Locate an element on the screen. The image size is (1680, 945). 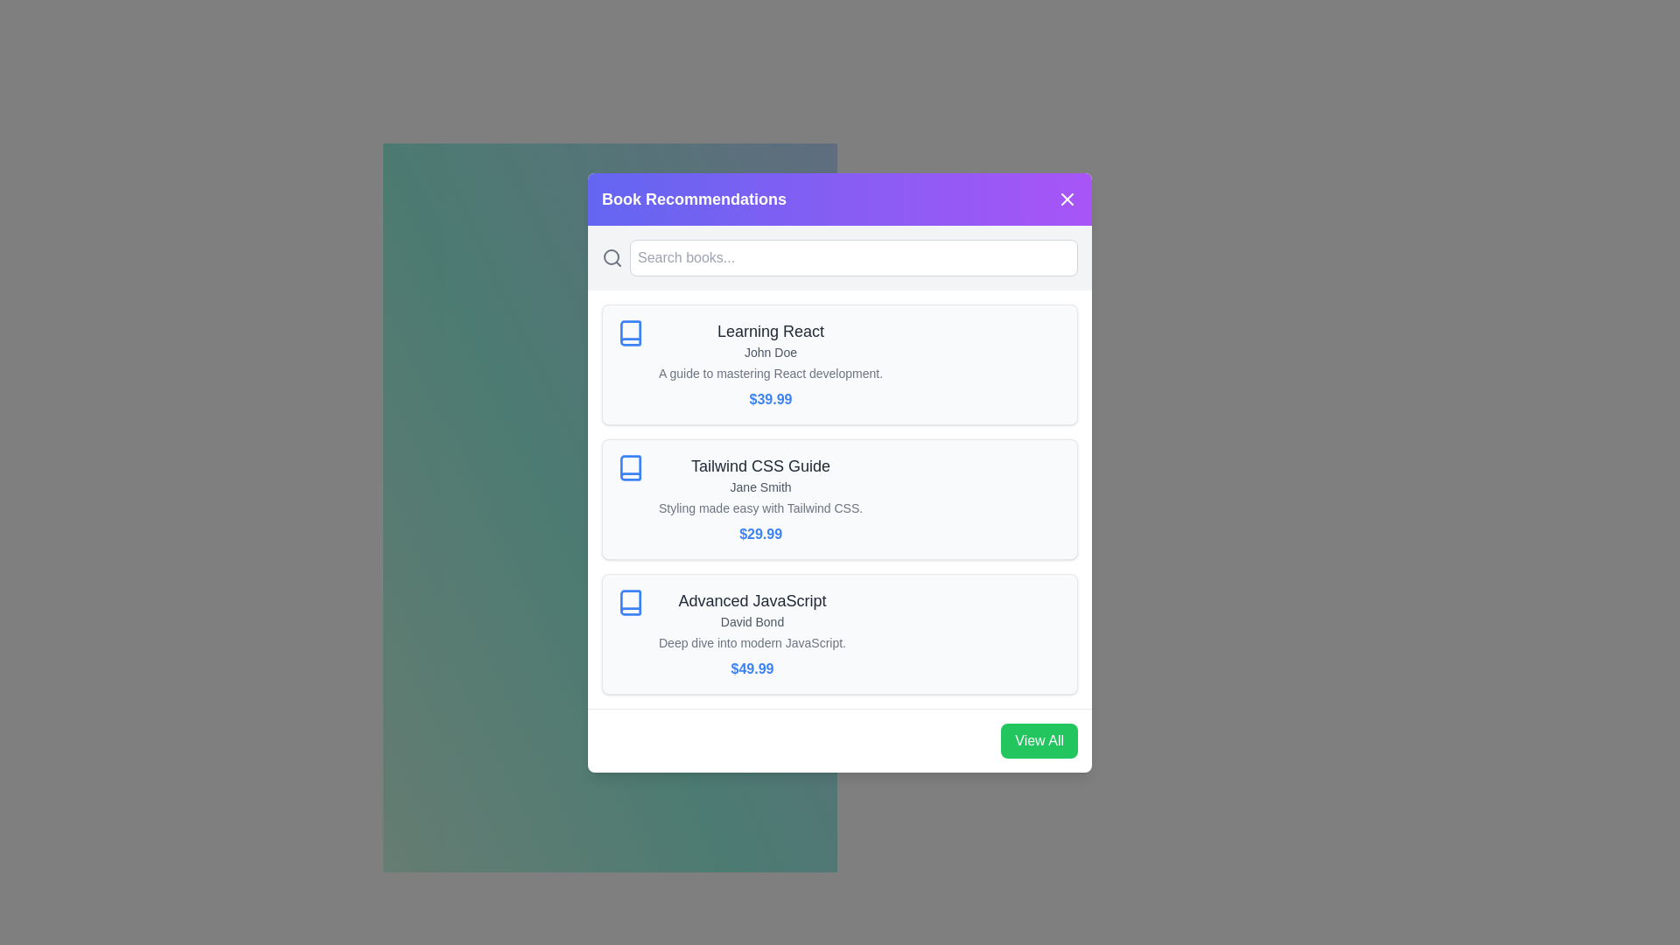
the Close button icon located at the top-right corner of the purple gradient header bar of the modal is located at coordinates (1066, 198).